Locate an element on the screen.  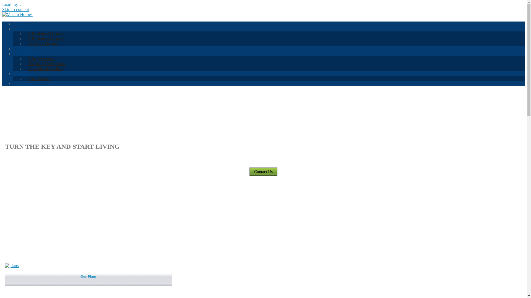
'Our Awards' is located at coordinates (39, 78).